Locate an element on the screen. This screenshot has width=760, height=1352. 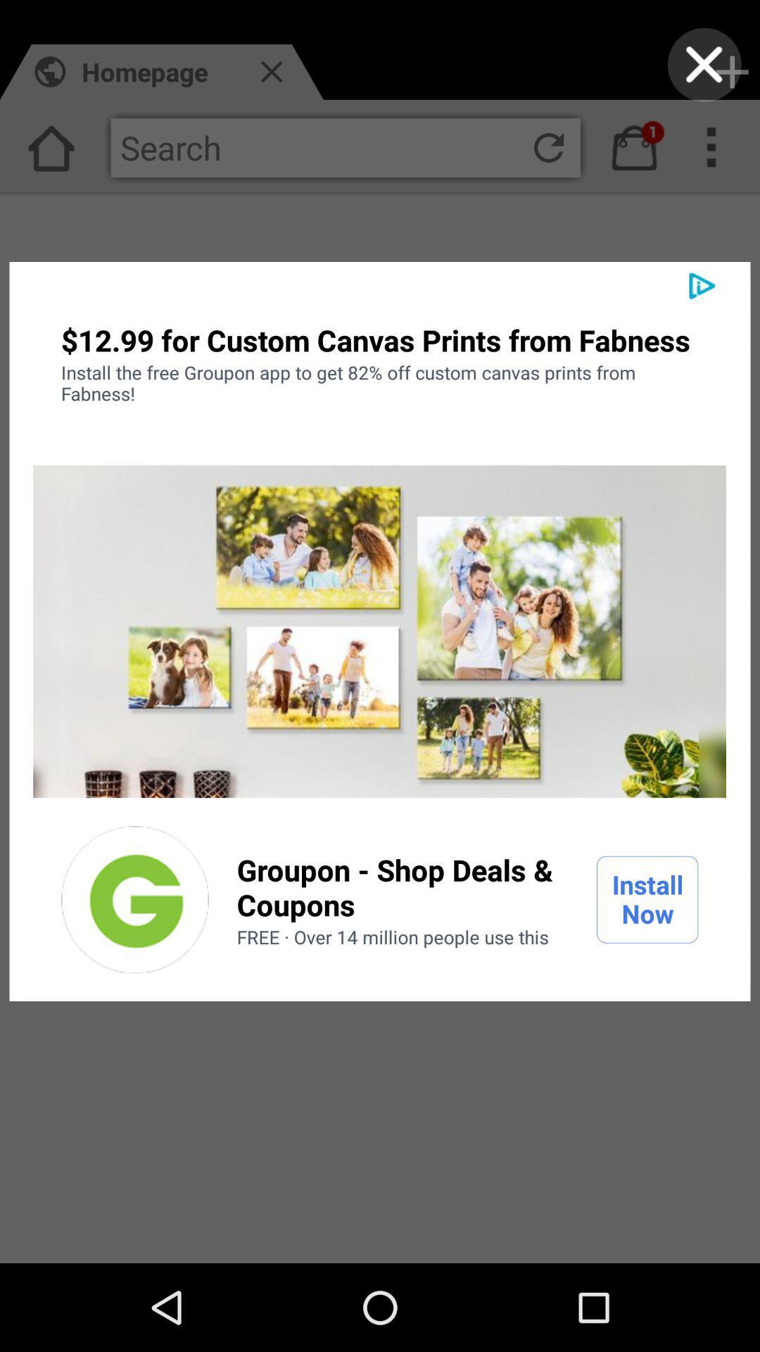
the company site is located at coordinates (135, 899).